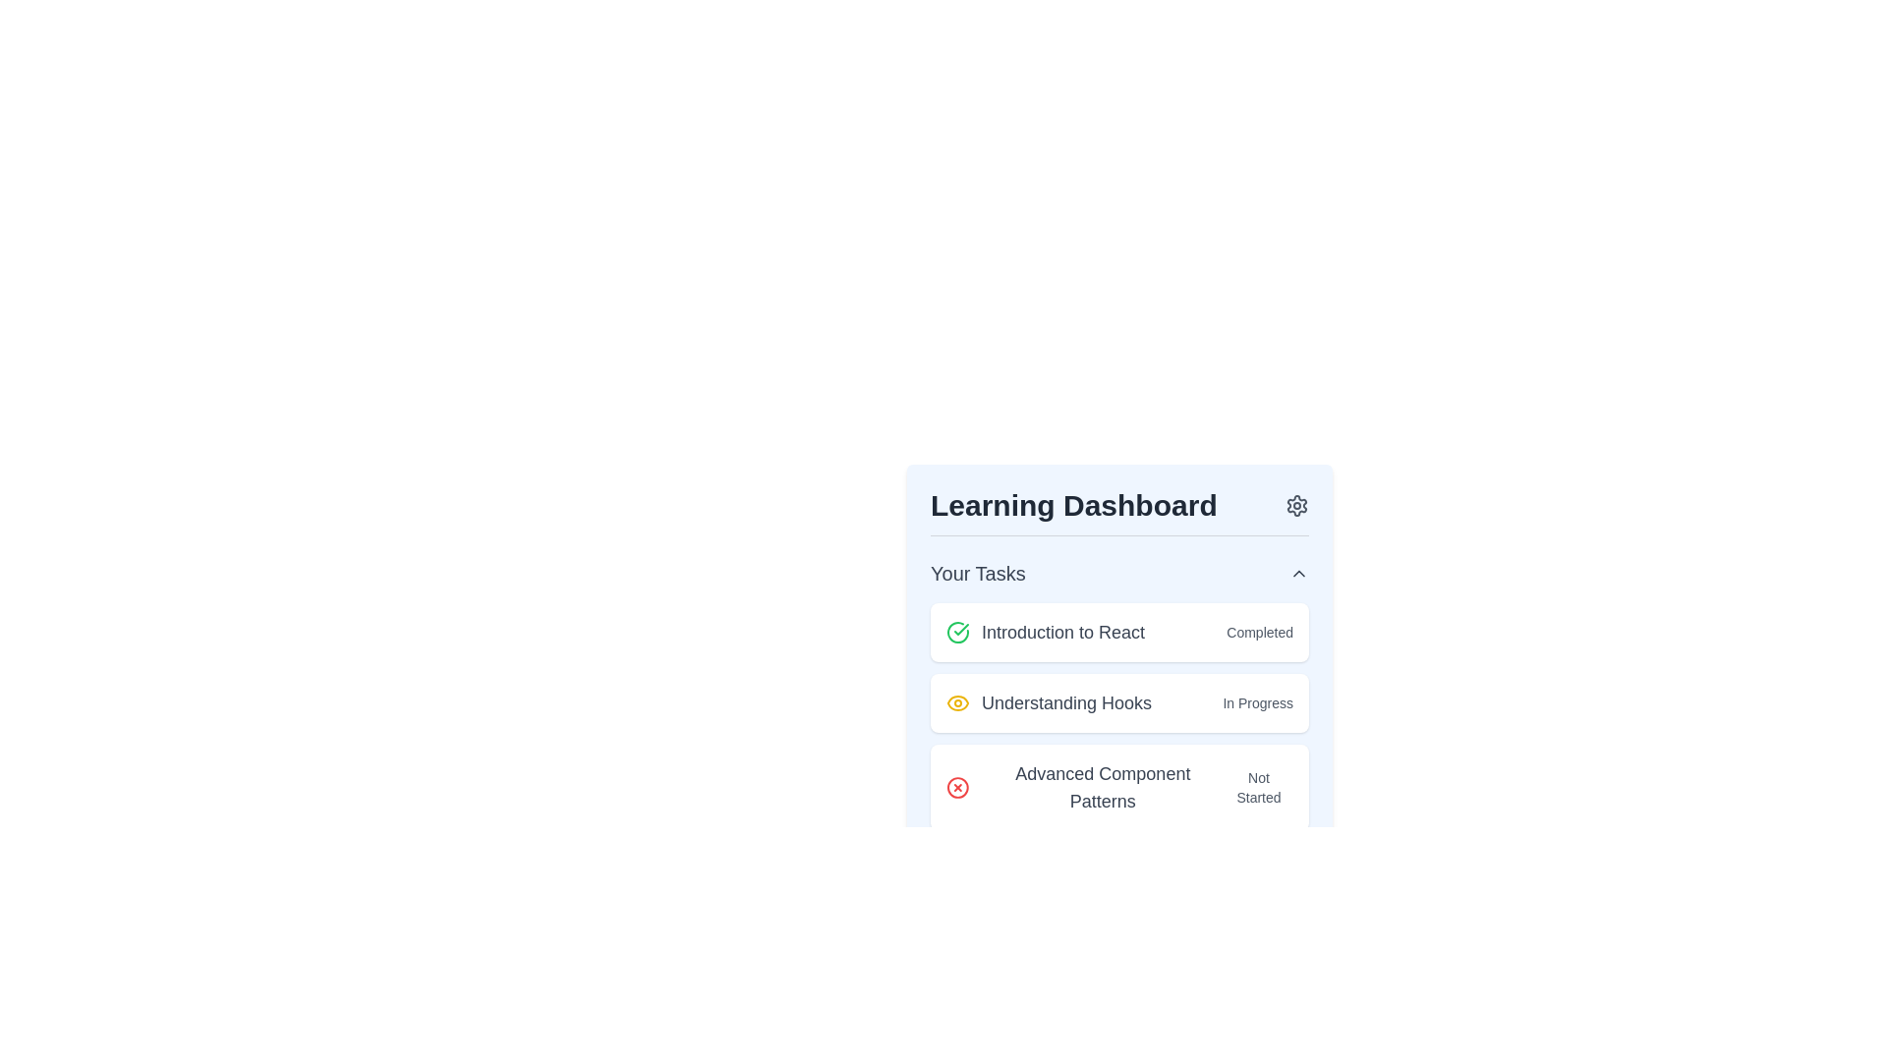  I want to click on the 'Understanding Hooks' Task card in the 'Your Tasks' section, so click(1119, 702).